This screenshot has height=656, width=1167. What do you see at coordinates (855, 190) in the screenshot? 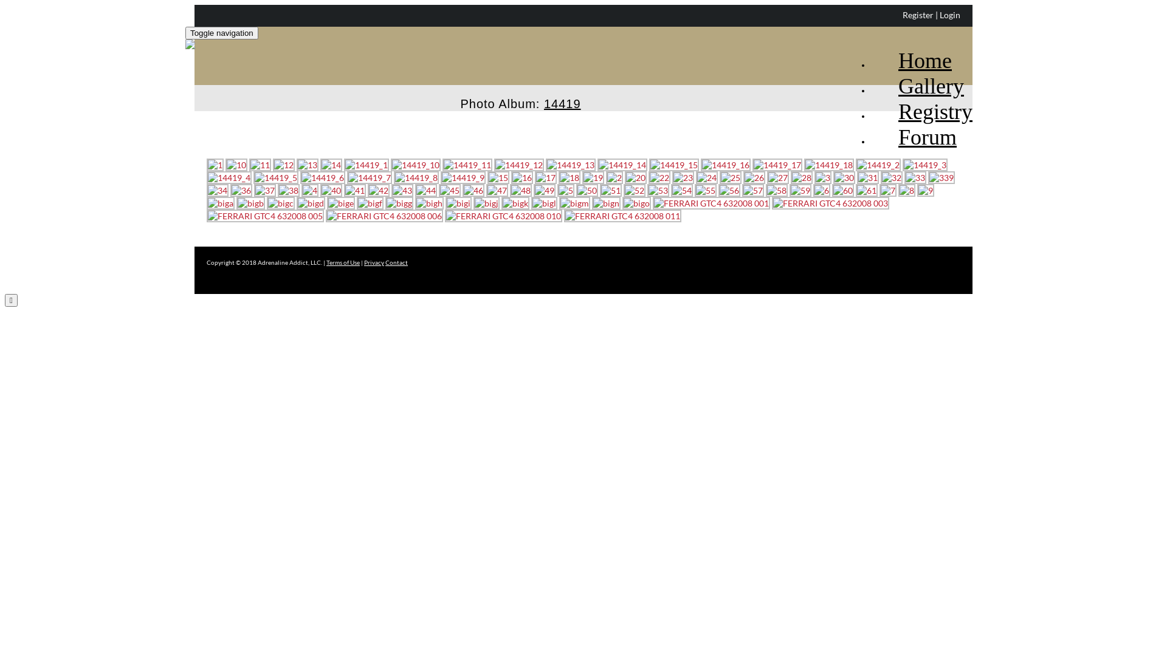
I see `'61 (click to enlarge)'` at bounding box center [855, 190].